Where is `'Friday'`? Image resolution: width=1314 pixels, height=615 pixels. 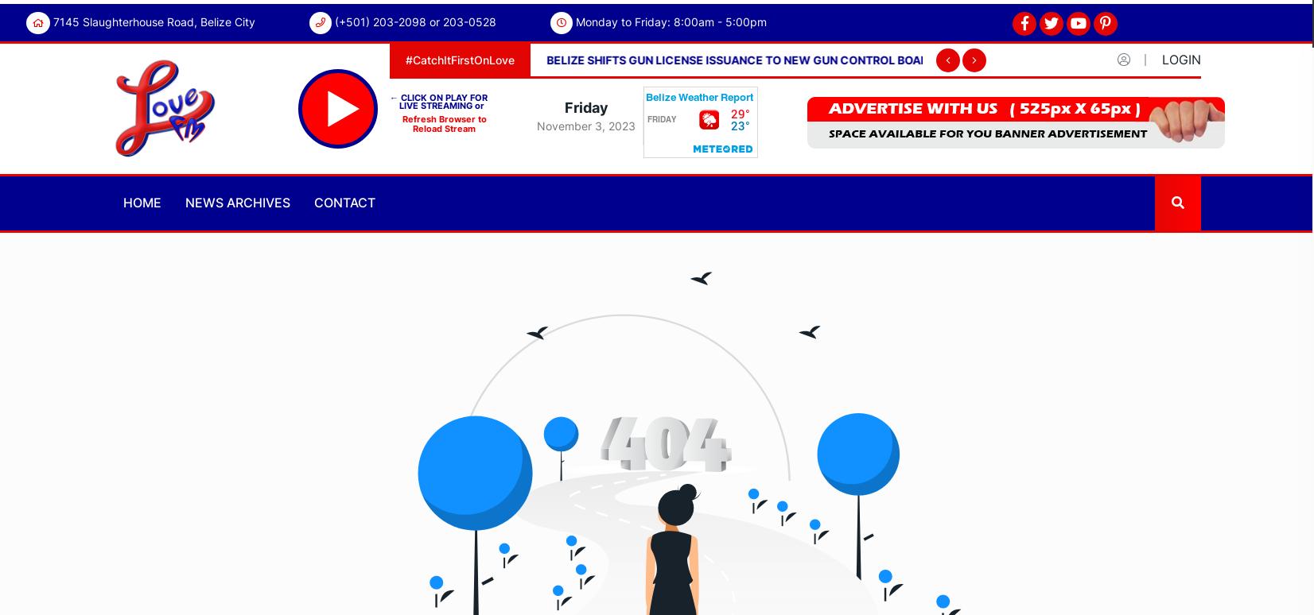
'Friday' is located at coordinates (585, 106).